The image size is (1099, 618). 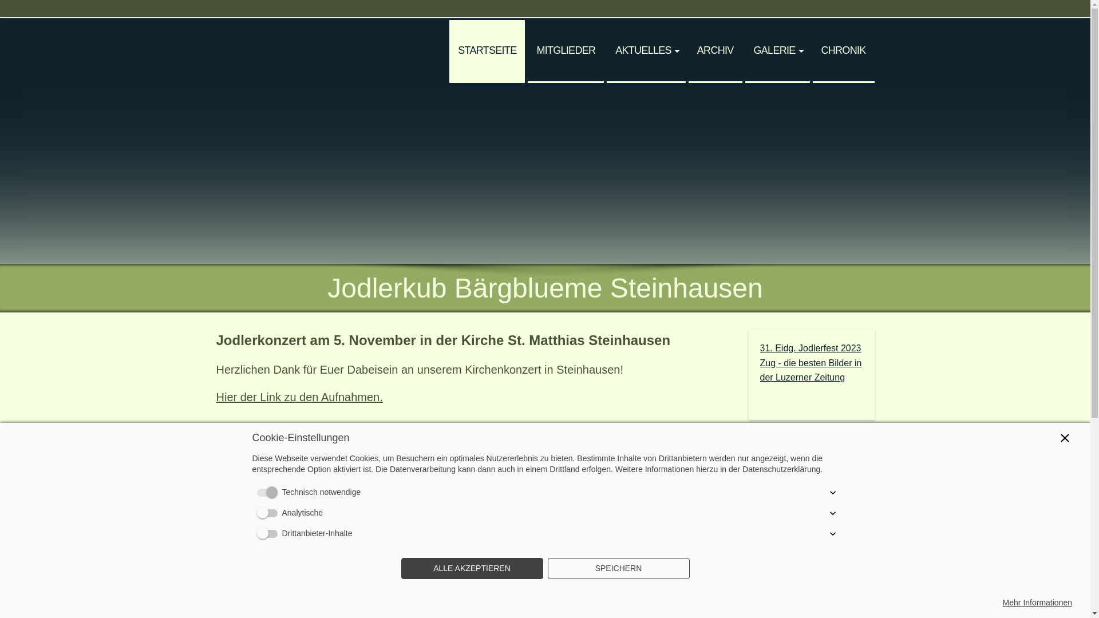 What do you see at coordinates (273, 25) in the screenshot?
I see `' '` at bounding box center [273, 25].